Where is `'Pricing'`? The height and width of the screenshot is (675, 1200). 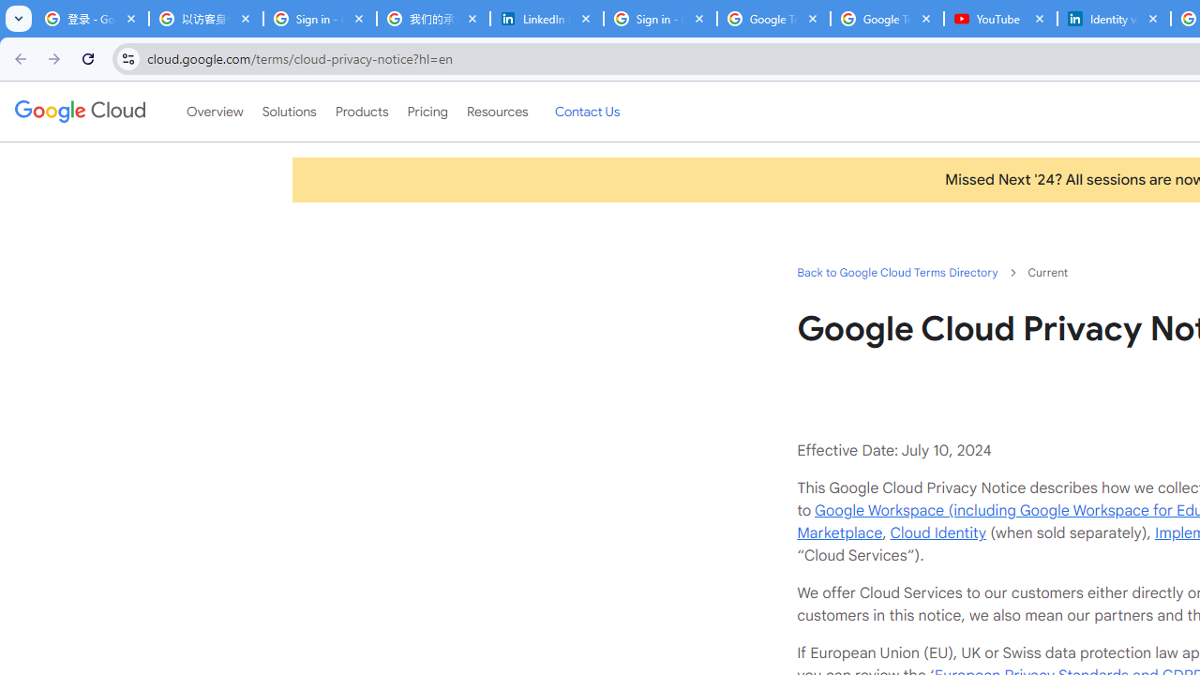
'Pricing' is located at coordinates (426, 112).